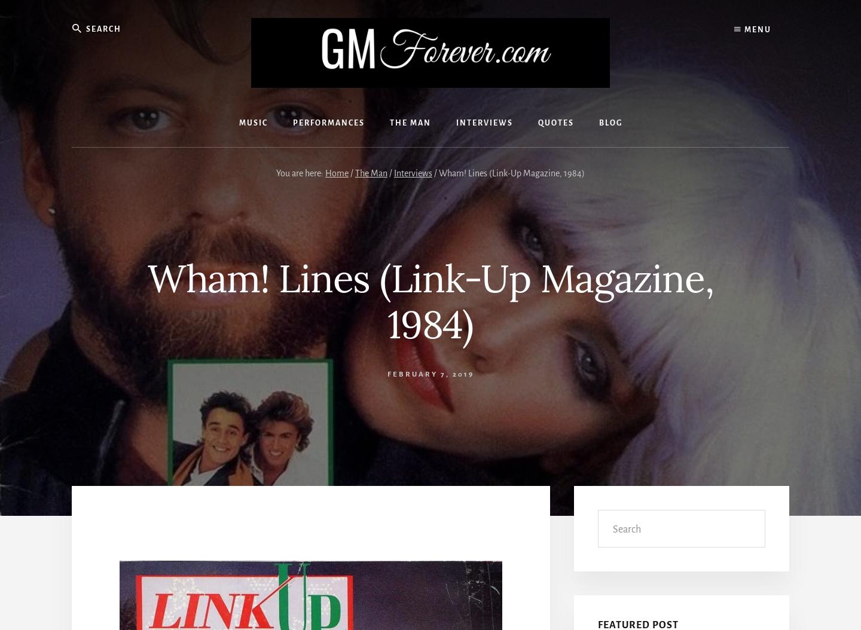 This screenshot has width=861, height=630. What do you see at coordinates (253, 122) in the screenshot?
I see `'Music'` at bounding box center [253, 122].